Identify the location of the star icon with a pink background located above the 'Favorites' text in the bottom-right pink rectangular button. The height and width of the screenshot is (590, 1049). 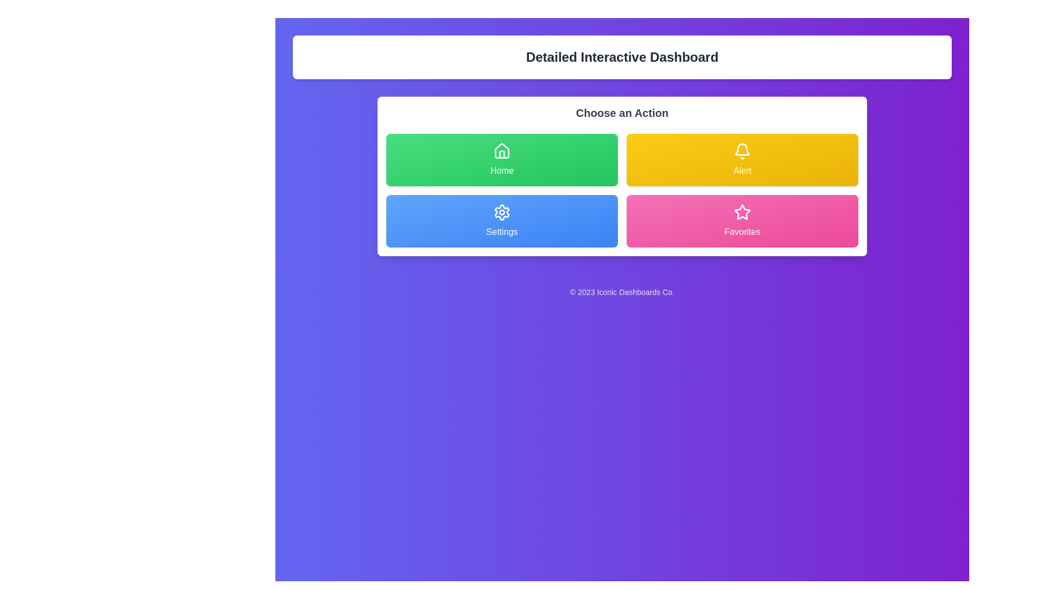
(742, 213).